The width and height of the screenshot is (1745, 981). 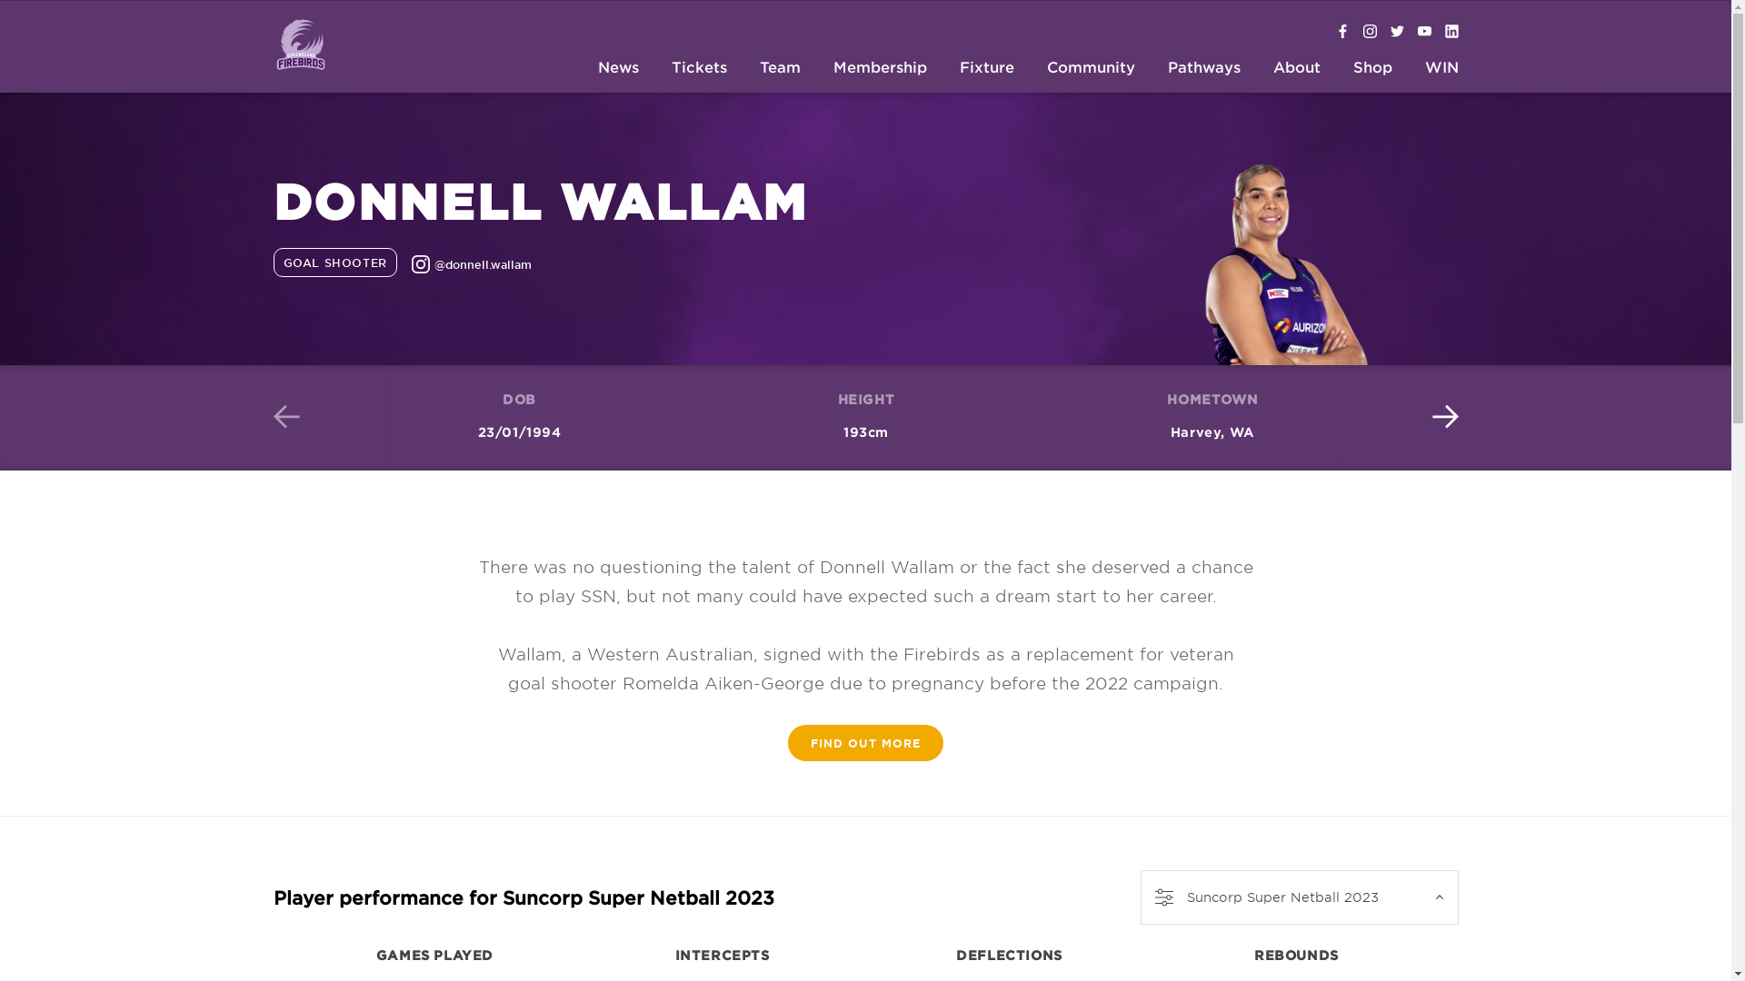 What do you see at coordinates (1298, 896) in the screenshot?
I see `'Suncorp Super Netball 2023'` at bounding box center [1298, 896].